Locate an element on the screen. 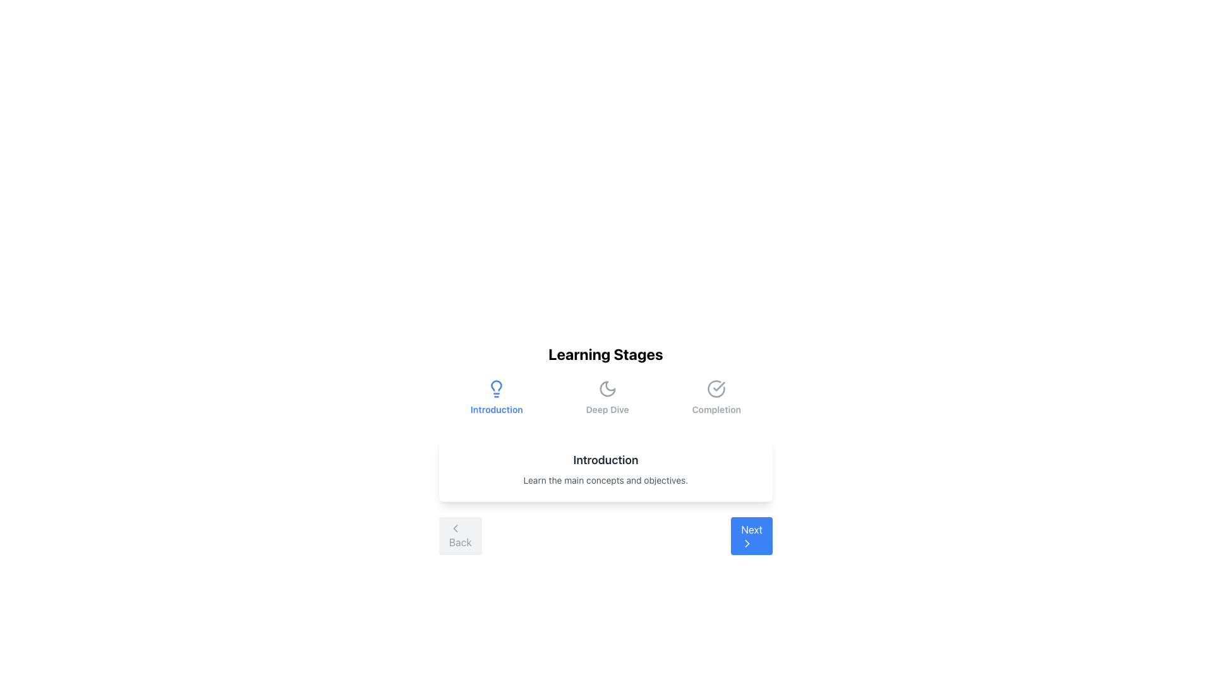 This screenshot has width=1213, height=682. the forward navigation icon located within the 'Next' button in the bottom-right section of the interface is located at coordinates (747, 542).